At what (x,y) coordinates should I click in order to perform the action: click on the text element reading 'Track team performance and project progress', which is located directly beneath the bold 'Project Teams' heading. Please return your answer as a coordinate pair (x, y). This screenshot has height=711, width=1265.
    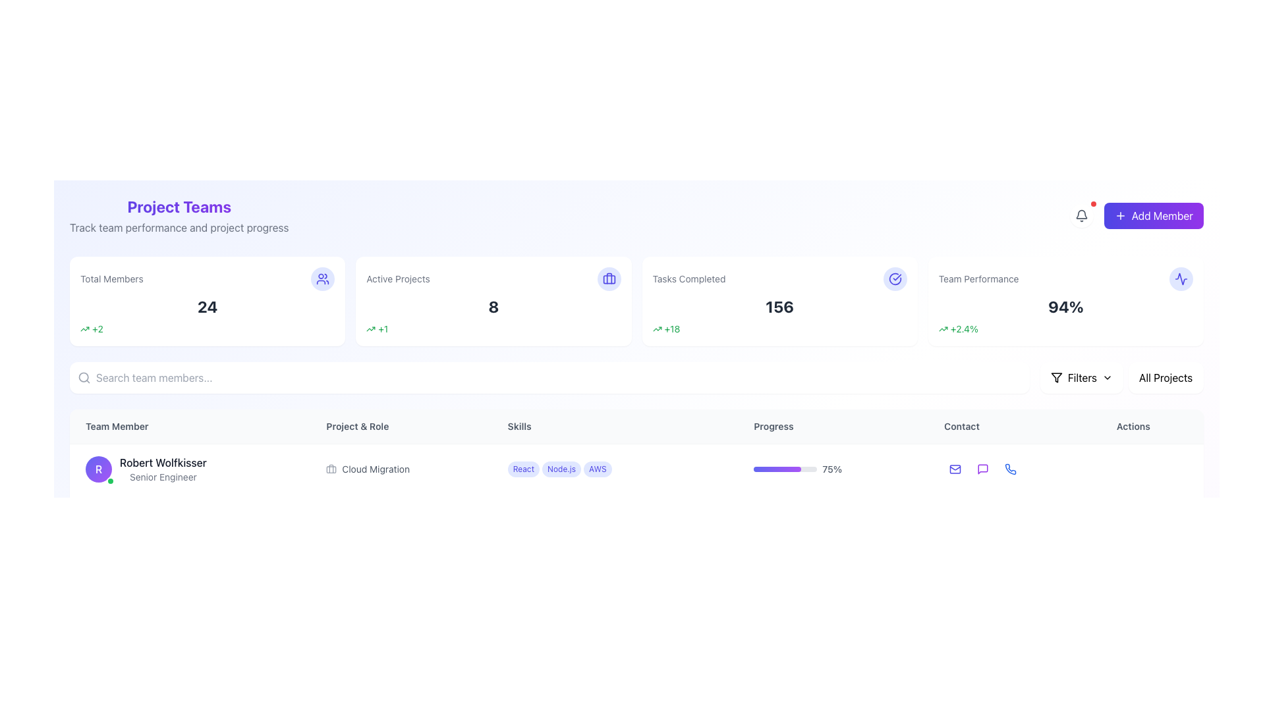
    Looking at the image, I should click on (179, 227).